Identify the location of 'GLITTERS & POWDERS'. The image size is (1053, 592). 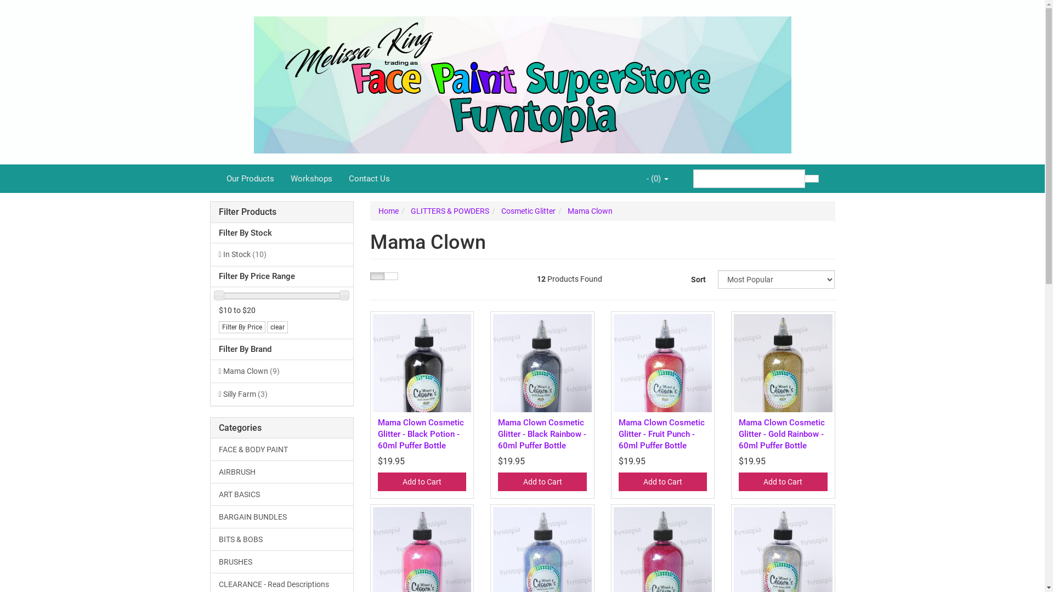
(410, 211).